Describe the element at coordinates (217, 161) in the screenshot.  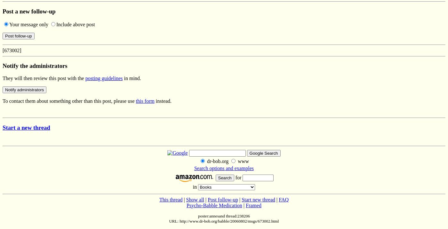
I see `'dr-bob.org'` at that location.